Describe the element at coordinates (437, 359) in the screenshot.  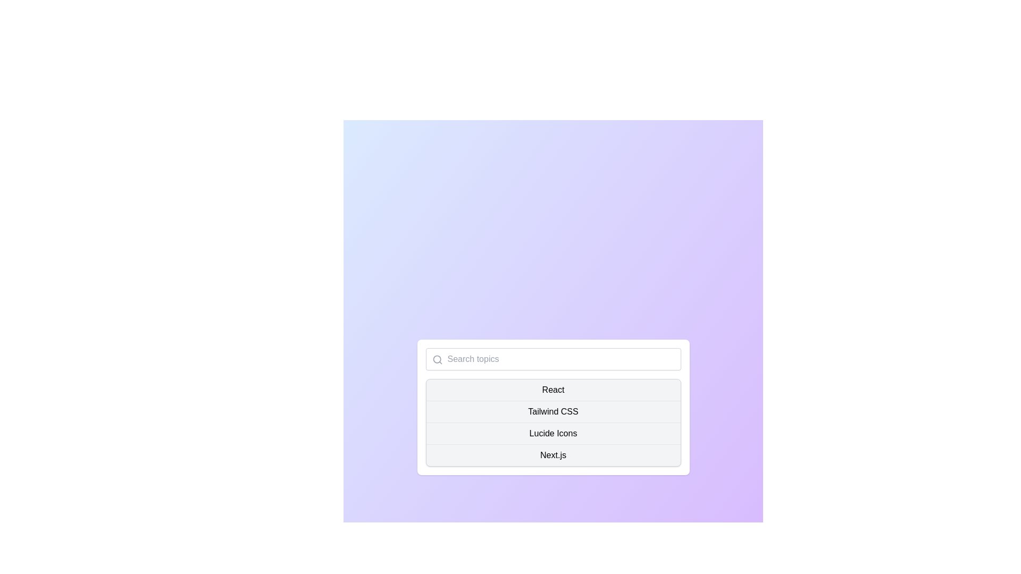
I see `the search icon, which is an SVG representation of a magnifying glass located inside the search bar at the left side` at that location.